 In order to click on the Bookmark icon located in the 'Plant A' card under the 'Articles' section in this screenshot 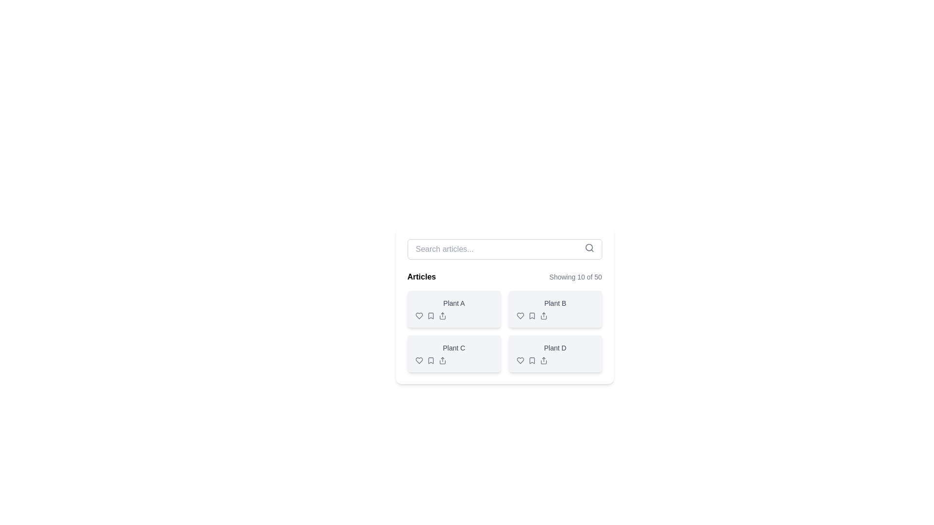, I will do `click(430, 316)`.